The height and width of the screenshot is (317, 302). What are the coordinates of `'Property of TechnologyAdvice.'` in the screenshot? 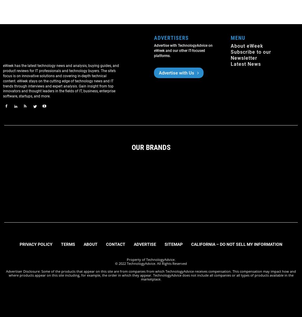 It's located at (150, 259).